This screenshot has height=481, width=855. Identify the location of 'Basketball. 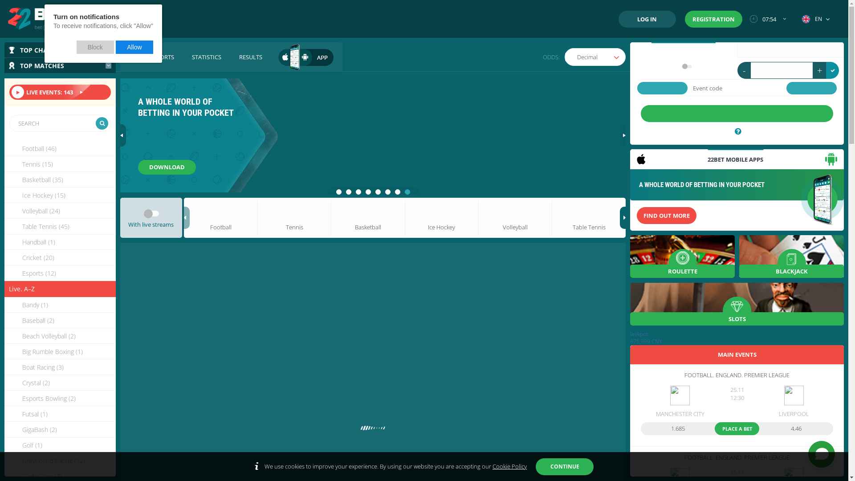
(59, 179).